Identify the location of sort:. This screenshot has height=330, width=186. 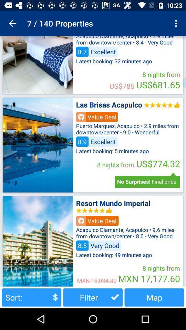
(31, 297).